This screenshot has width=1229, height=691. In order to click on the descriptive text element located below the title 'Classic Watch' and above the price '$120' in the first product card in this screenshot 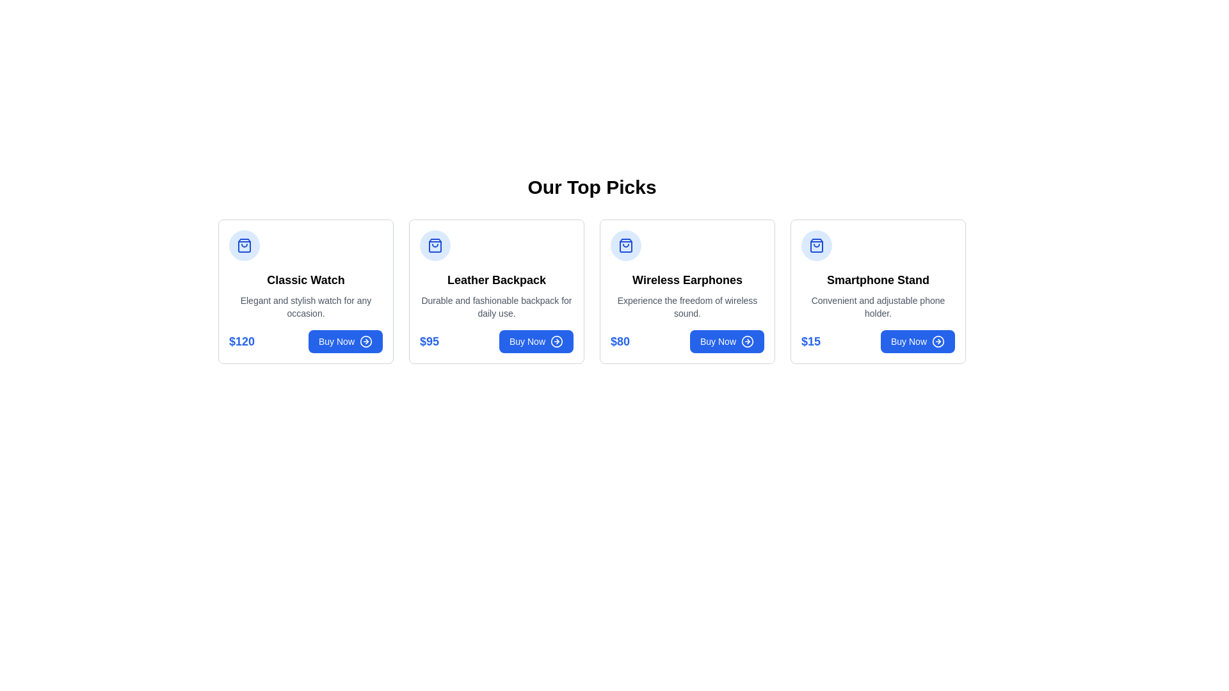, I will do `click(305, 306)`.